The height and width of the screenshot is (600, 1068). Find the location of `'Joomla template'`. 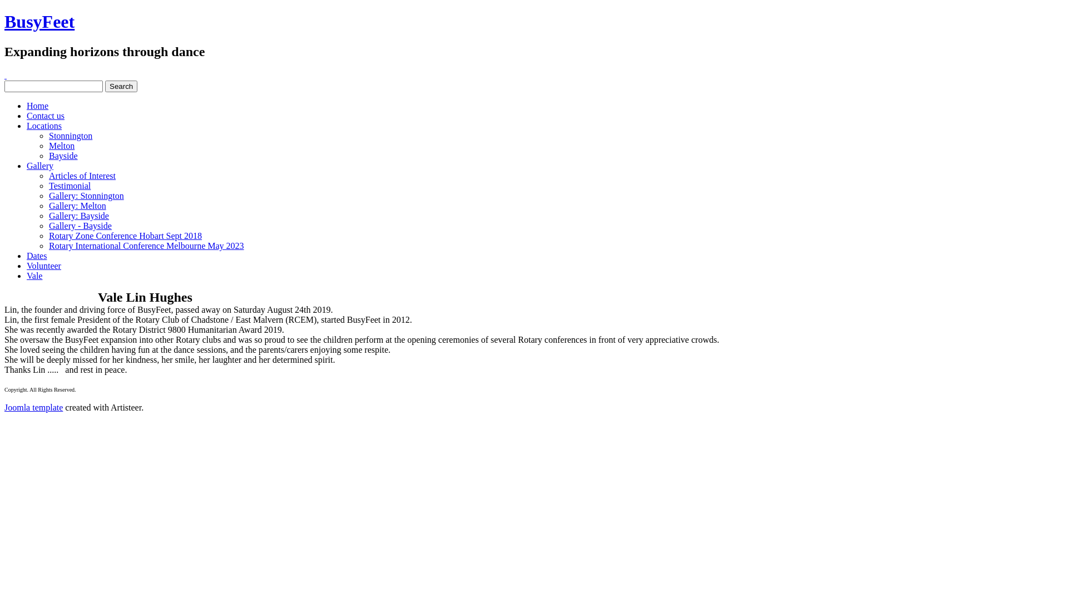

'Joomla template' is located at coordinates (33, 407).